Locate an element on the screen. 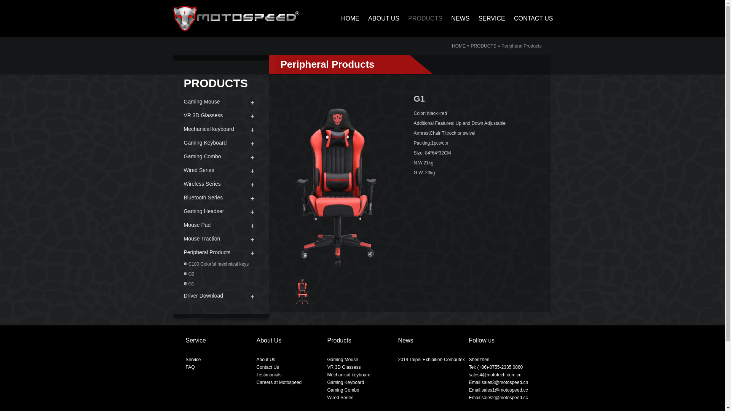  'Mouse Pad' is located at coordinates (220, 224).